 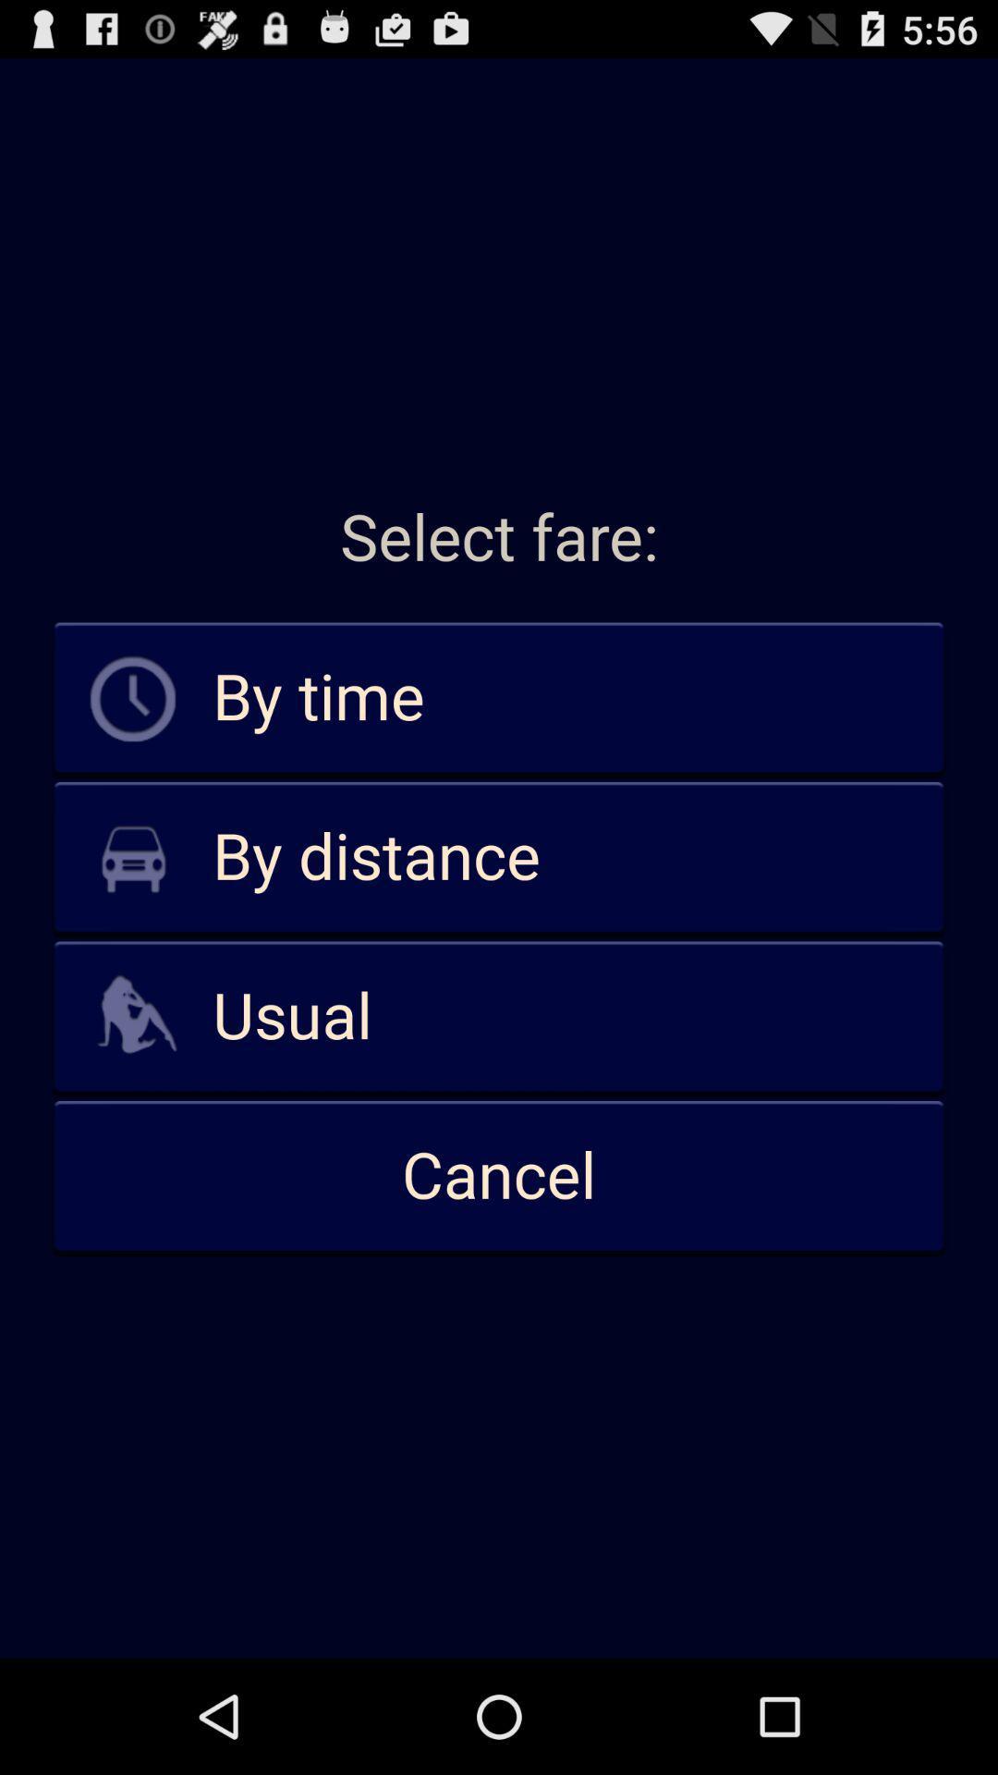 What do you see at coordinates (499, 857) in the screenshot?
I see `the app above usual` at bounding box center [499, 857].